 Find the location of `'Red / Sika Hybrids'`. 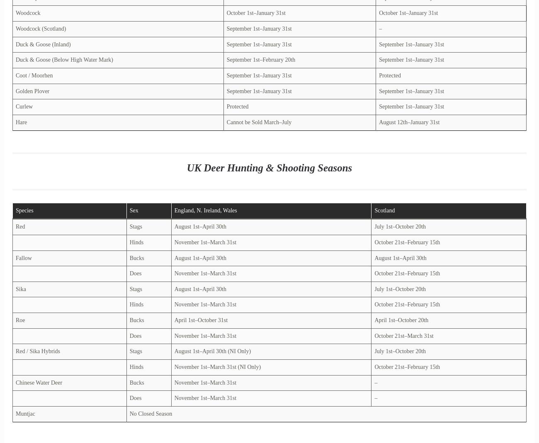

'Red / Sika Hybrids' is located at coordinates (38, 351).